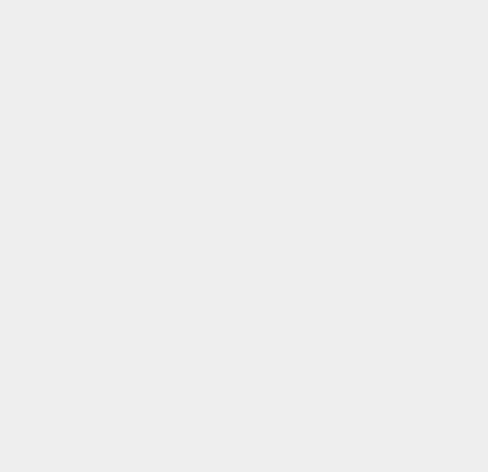  What do you see at coordinates (353, 338) in the screenshot?
I see `'Meizu'` at bounding box center [353, 338].